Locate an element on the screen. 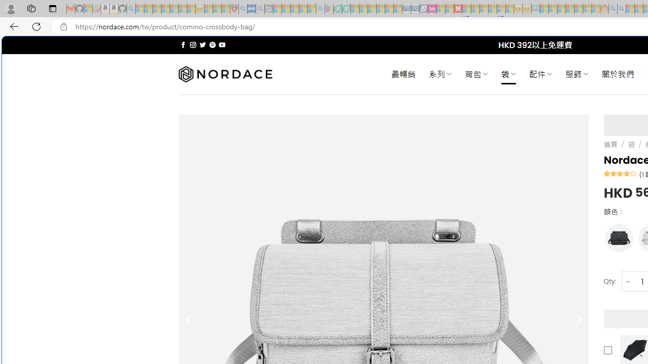 Image resolution: width=648 pixels, height=364 pixels. 'Add this product to cart' is located at coordinates (607, 350).